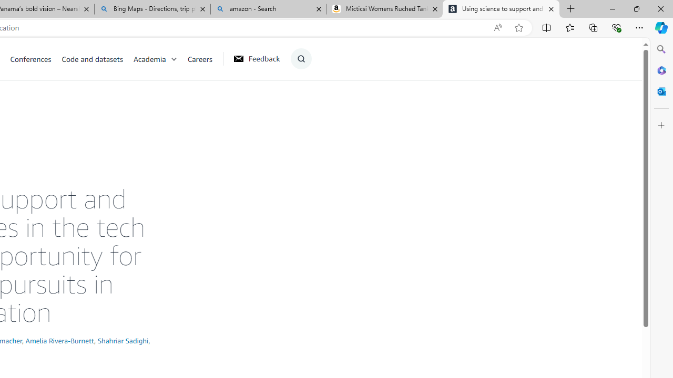 The width and height of the screenshot is (673, 378). I want to click on 'Conferences', so click(30, 58).